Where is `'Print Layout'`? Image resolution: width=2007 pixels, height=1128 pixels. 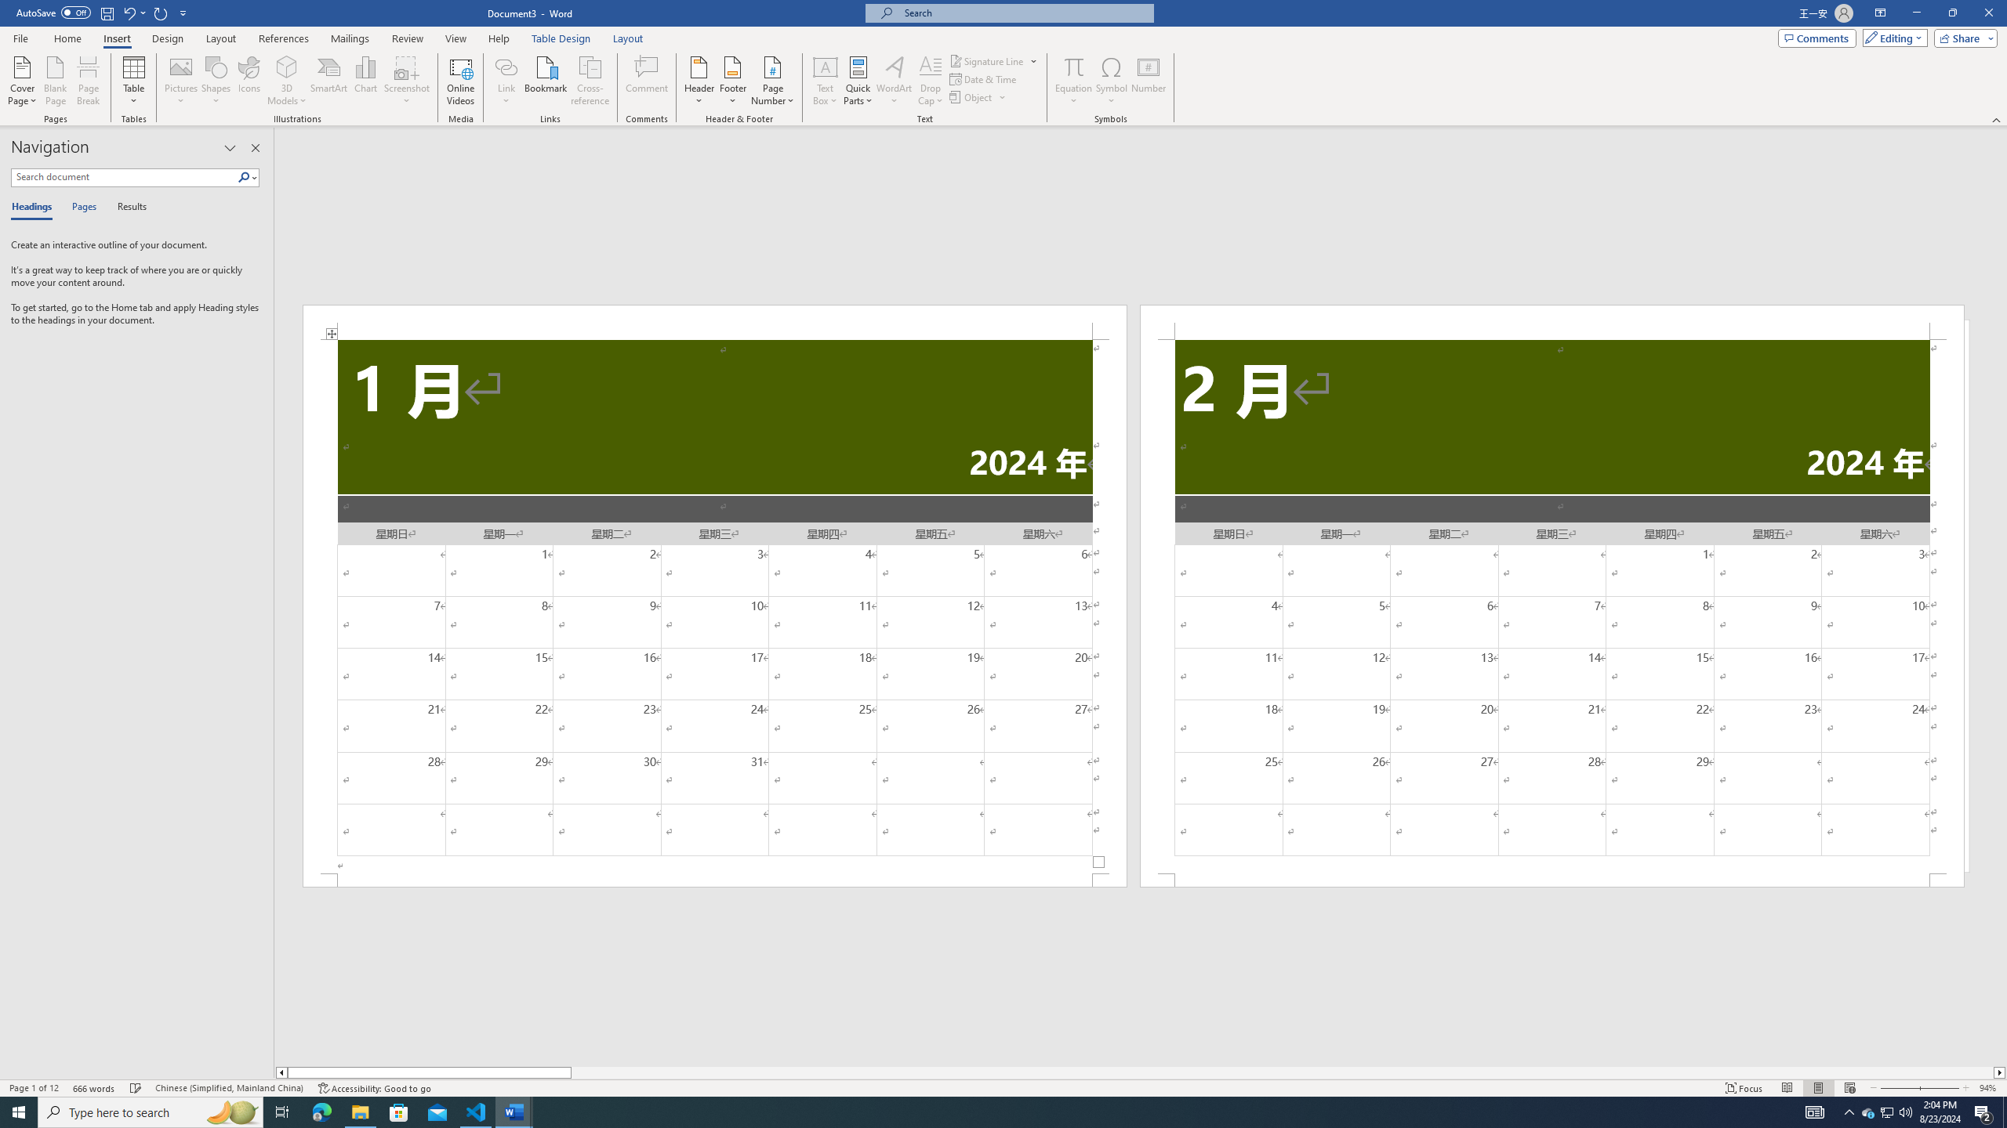 'Print Layout' is located at coordinates (1818, 1088).